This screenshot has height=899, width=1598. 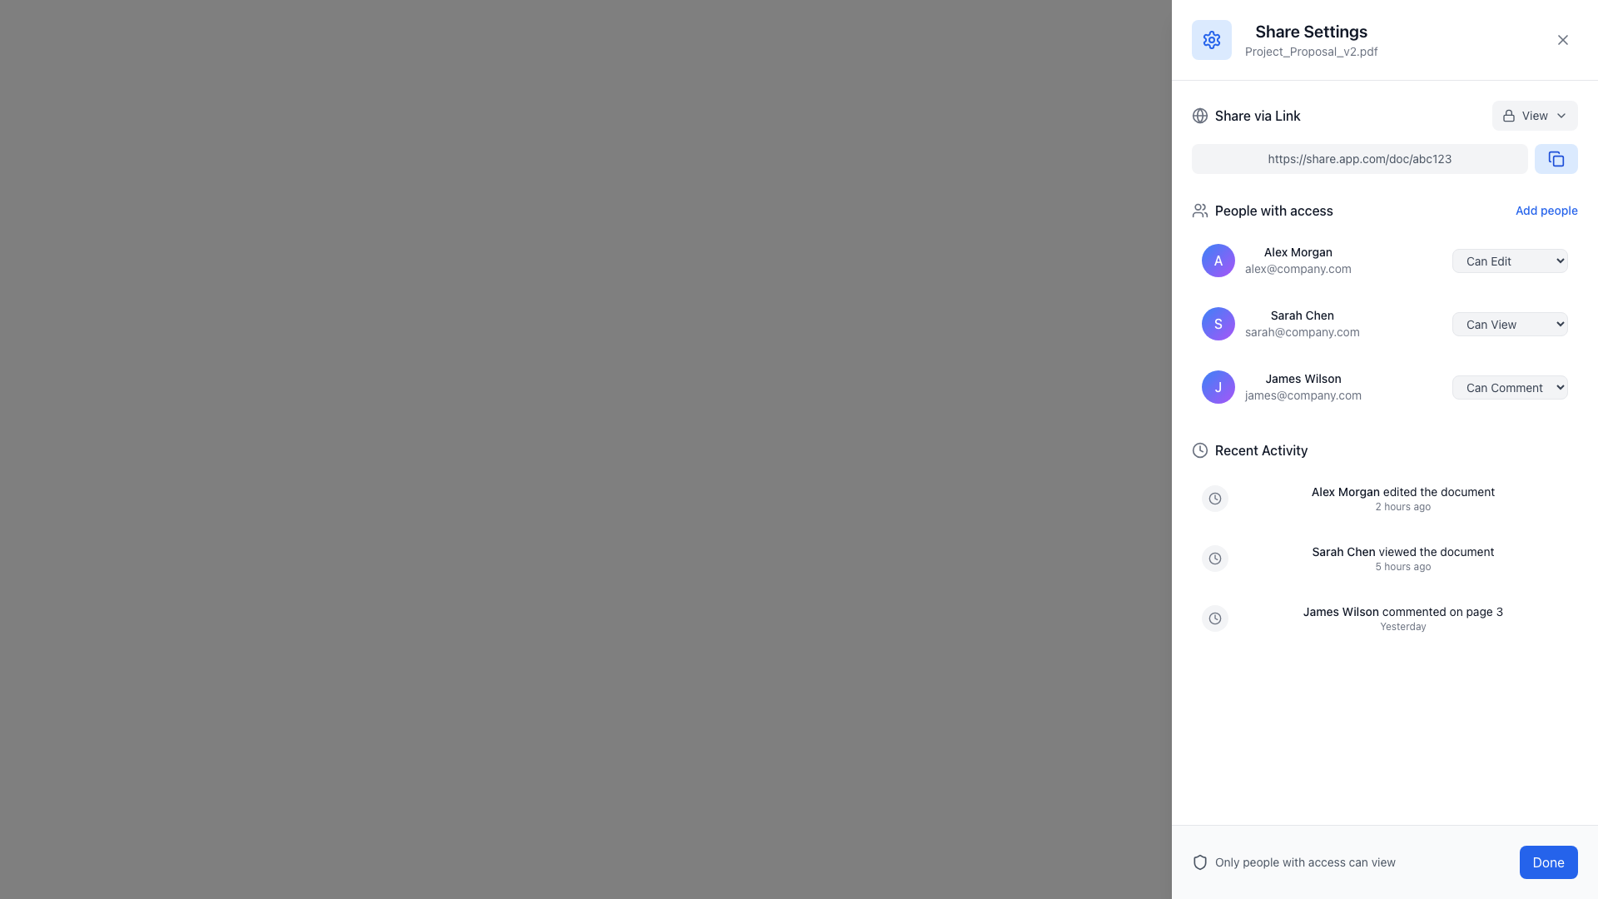 I want to click on the dropdown button on the user row for 'Alex Morgan' to change permissions, so click(x=1385, y=260).